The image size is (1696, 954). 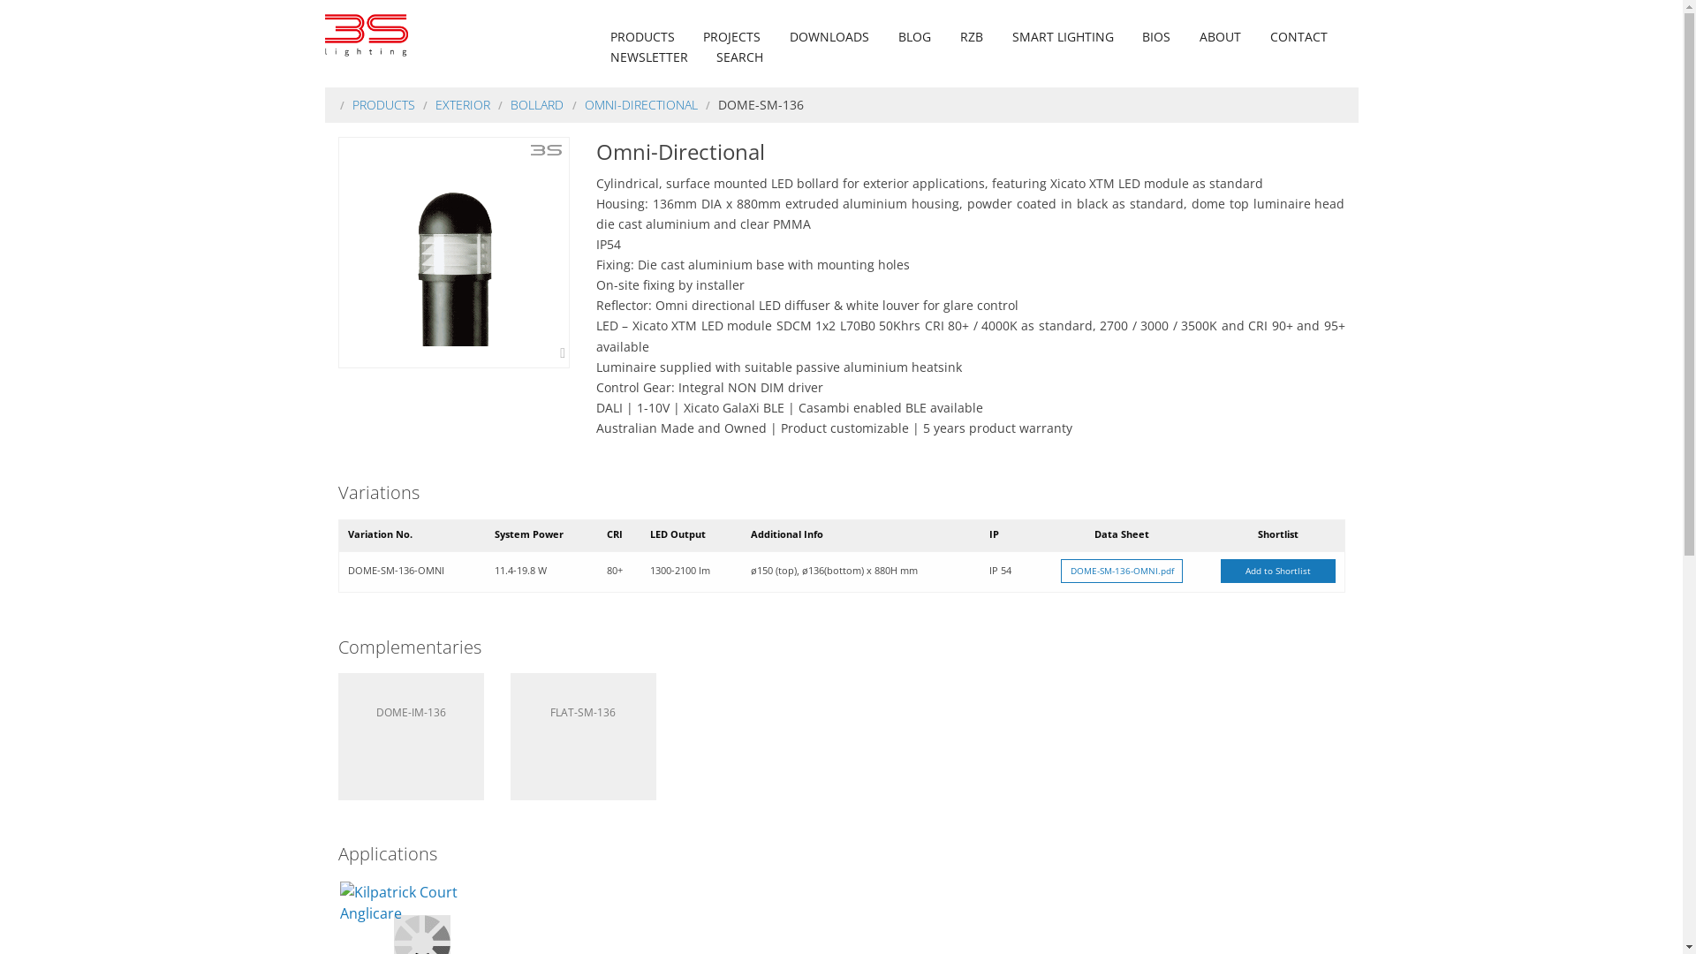 What do you see at coordinates (640, 104) in the screenshot?
I see `'OMNI-DIRECTIONAL'` at bounding box center [640, 104].